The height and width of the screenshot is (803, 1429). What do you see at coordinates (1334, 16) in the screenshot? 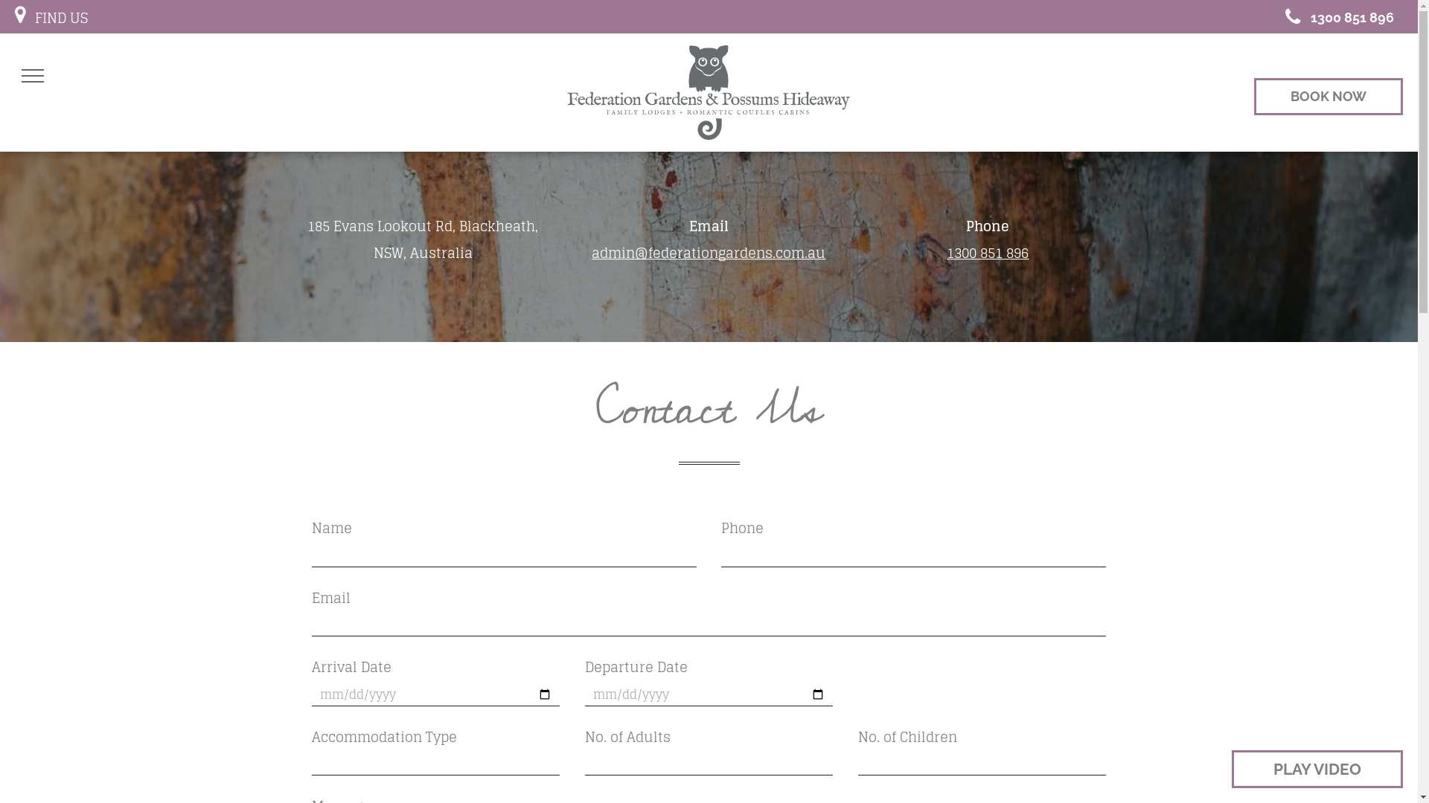
I see `'1300 851 896'` at bounding box center [1334, 16].